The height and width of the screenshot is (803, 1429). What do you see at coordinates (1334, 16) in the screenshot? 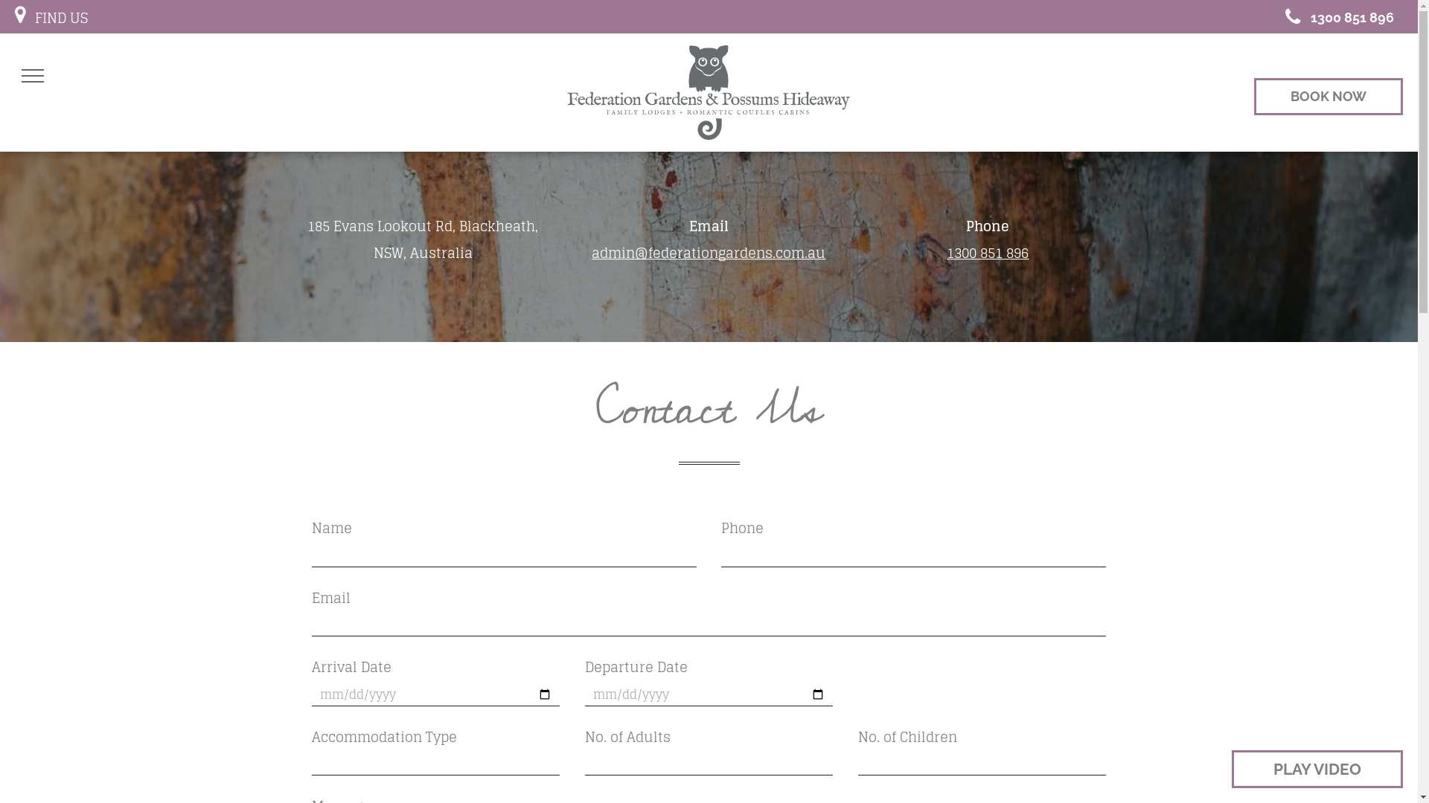
I see `'1300 851 896'` at bounding box center [1334, 16].